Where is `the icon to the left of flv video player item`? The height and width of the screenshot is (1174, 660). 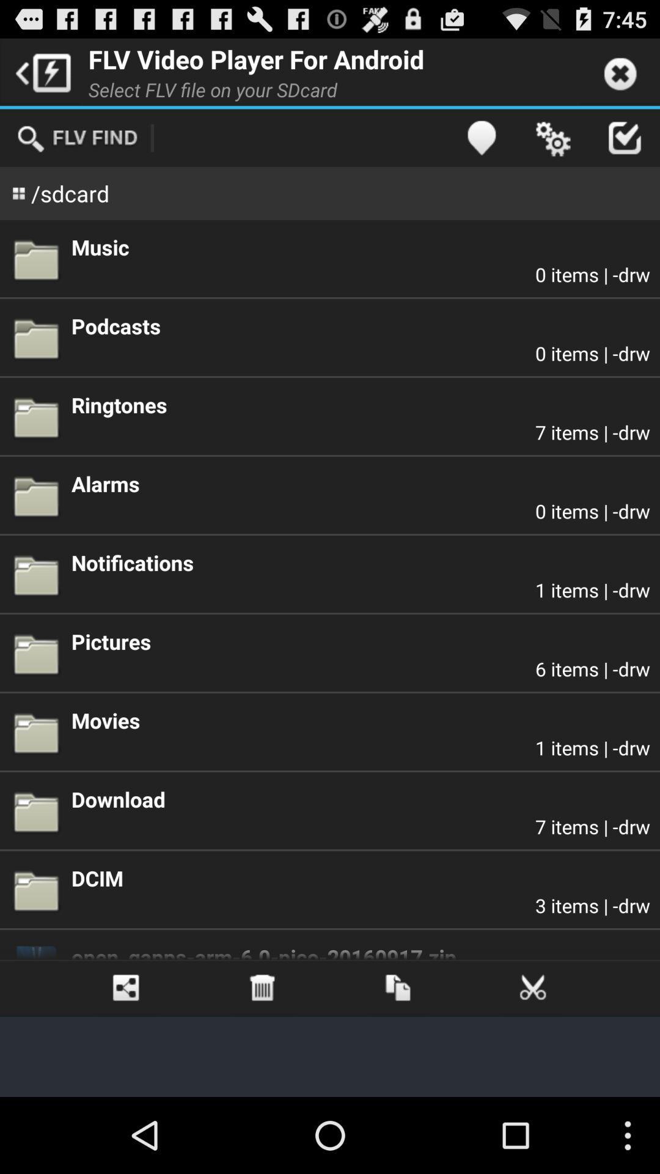 the icon to the left of flv video player item is located at coordinates (39, 71).